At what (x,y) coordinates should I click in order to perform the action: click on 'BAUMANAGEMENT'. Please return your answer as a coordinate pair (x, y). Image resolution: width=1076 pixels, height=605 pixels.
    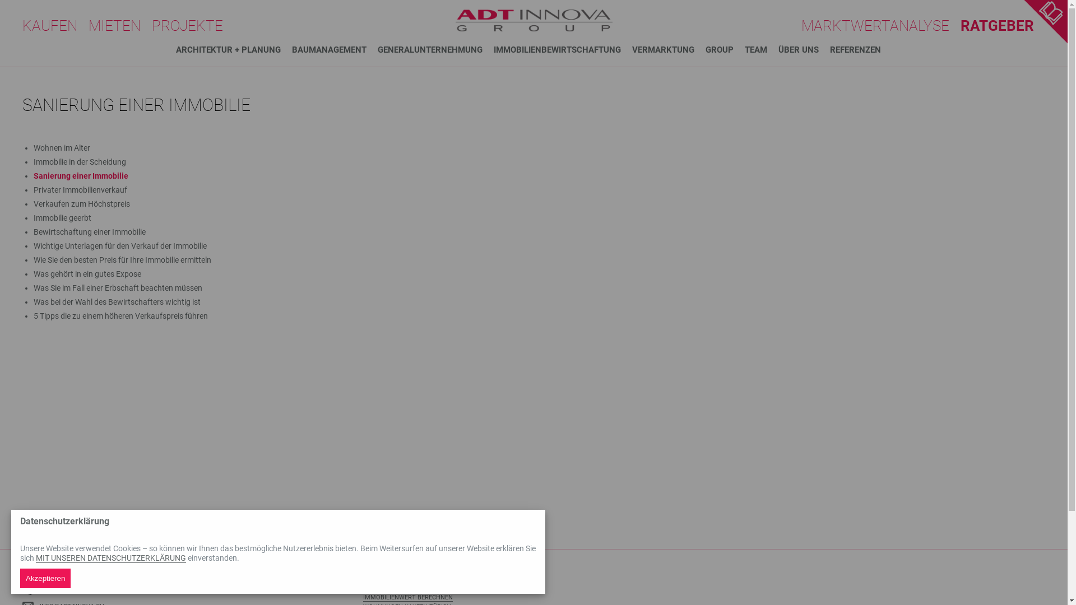
    Looking at the image, I should click on (333, 49).